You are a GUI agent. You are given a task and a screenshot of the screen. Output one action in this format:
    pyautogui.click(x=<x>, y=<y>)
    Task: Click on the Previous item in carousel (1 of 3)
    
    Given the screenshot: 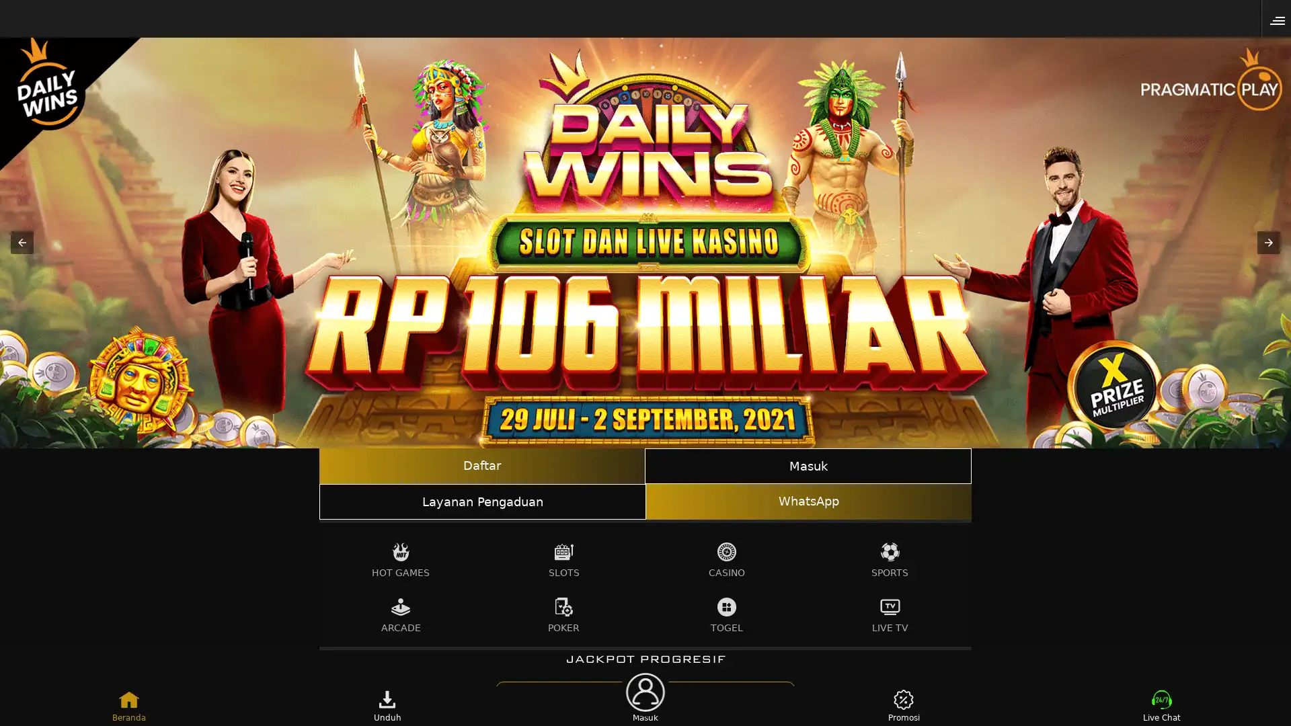 What is the action you would take?
    pyautogui.click(x=22, y=241)
    